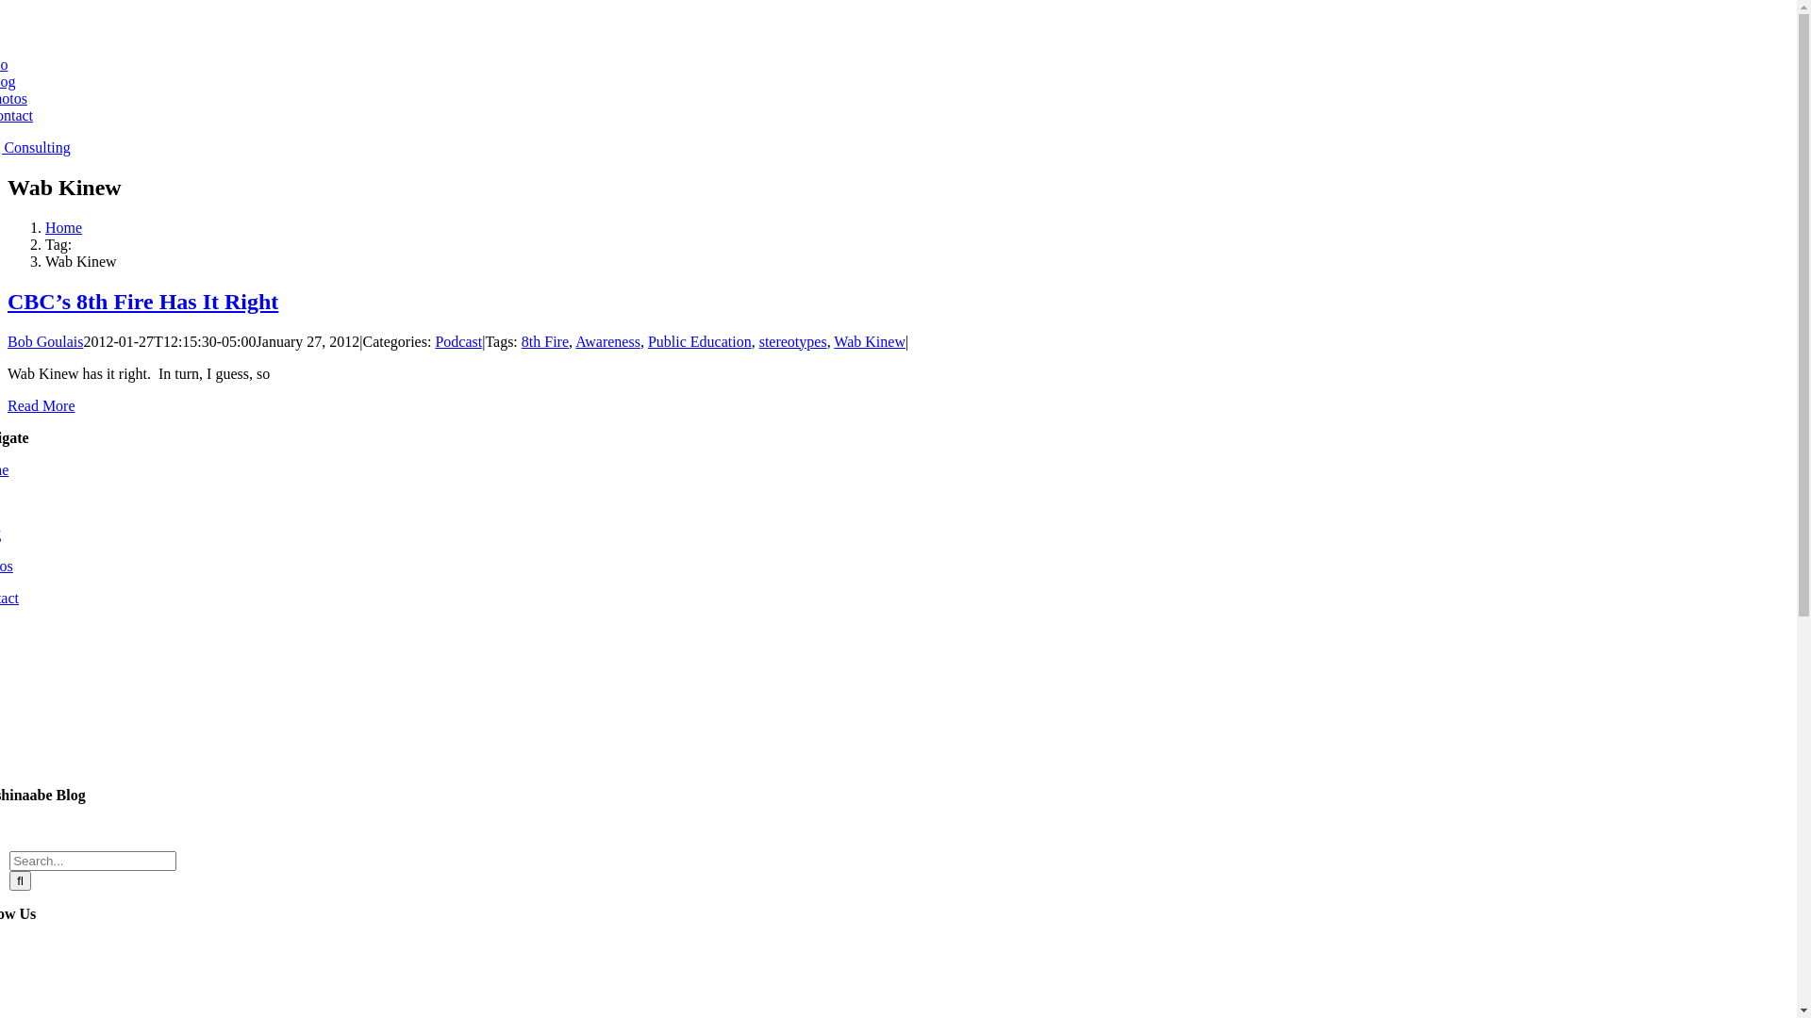 The image size is (1811, 1018). Describe the element at coordinates (63, 226) in the screenshot. I see `'Home'` at that location.